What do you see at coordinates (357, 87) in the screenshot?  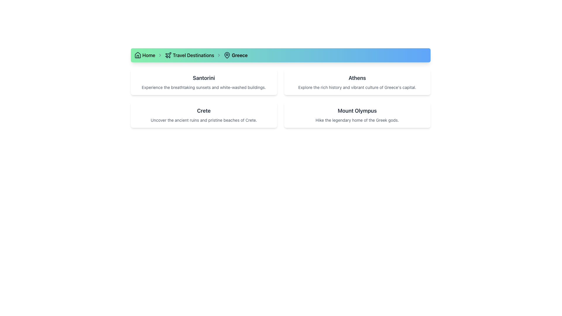 I see `the small-sized, gray-colored text reading 'Explore the rich history and vibrant culture of Greece's capital.' positioned below the heading 'Athens' in the top-right card-like section` at bounding box center [357, 87].